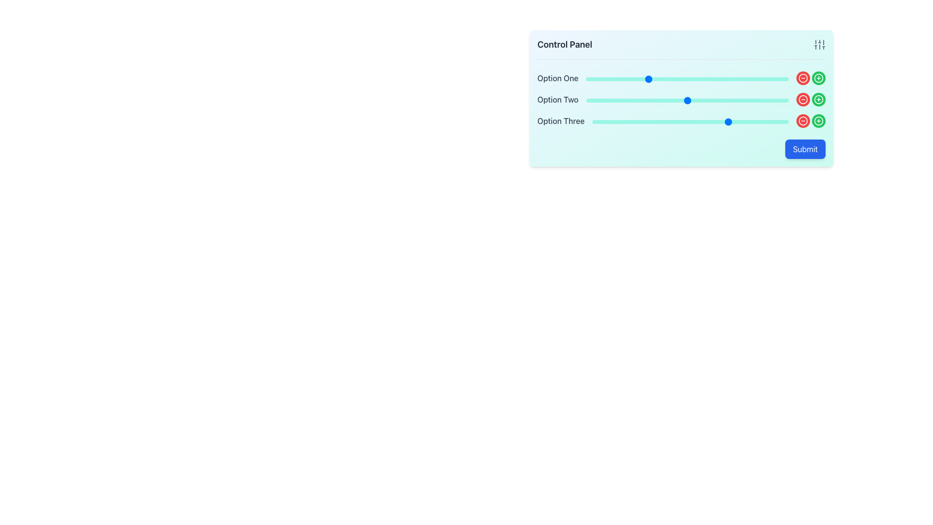 The image size is (933, 525). I want to click on the button located on the right side of the interface near the 'Option Three' label, so click(818, 78).